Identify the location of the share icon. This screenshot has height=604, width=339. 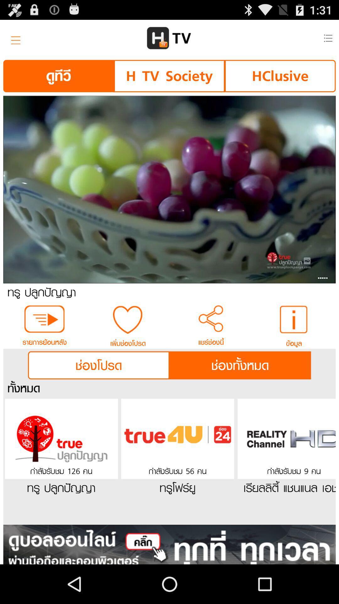
(211, 341).